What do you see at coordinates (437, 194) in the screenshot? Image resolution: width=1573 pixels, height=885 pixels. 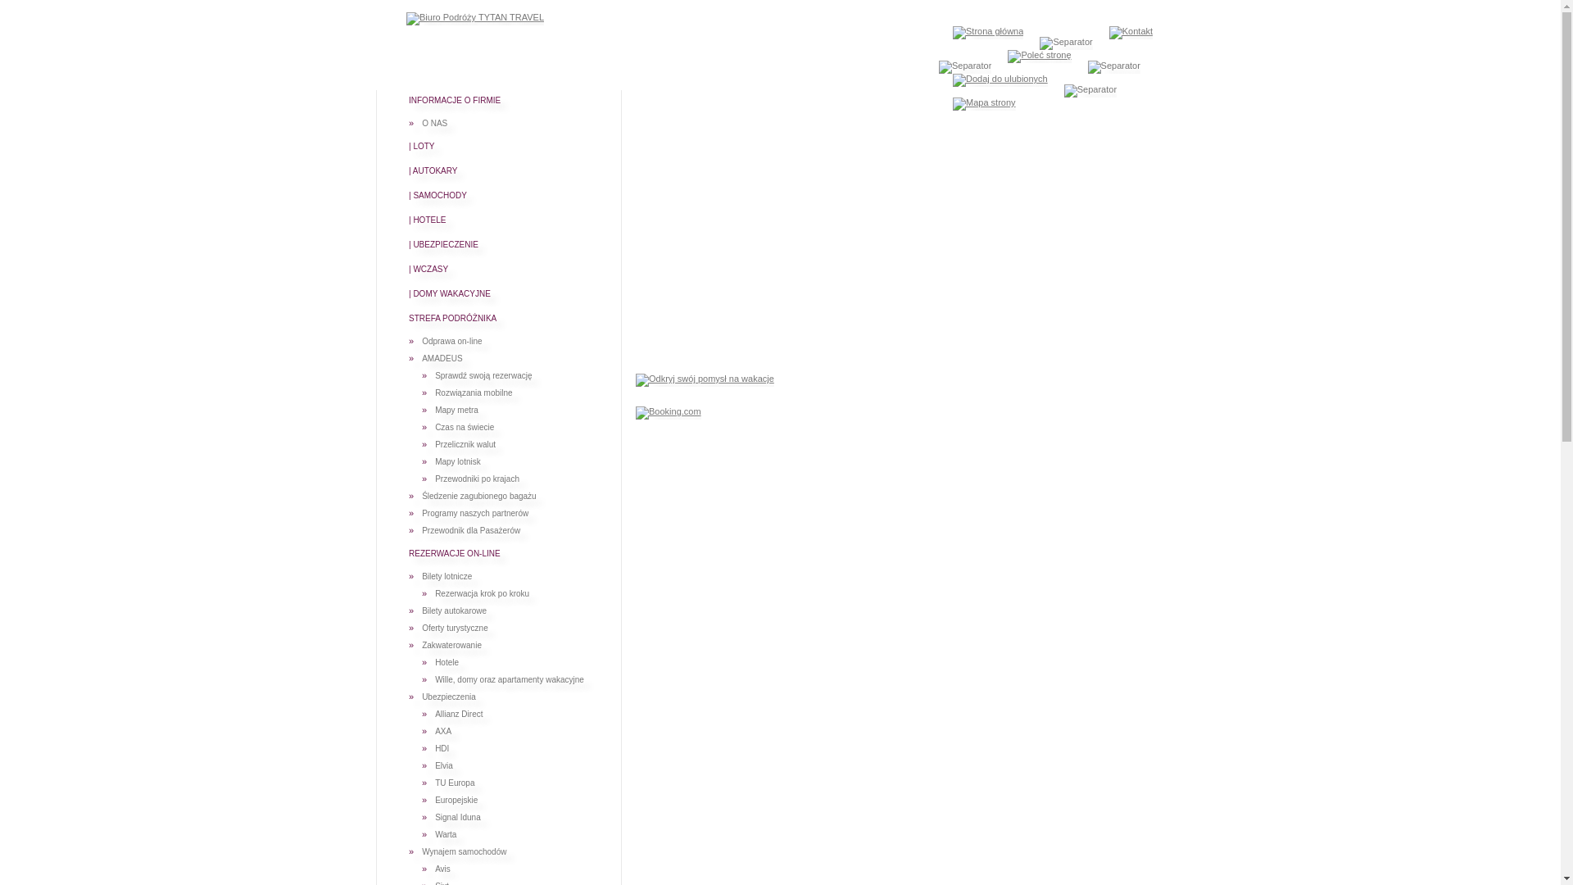 I see `'| SAMOCHODY'` at bounding box center [437, 194].